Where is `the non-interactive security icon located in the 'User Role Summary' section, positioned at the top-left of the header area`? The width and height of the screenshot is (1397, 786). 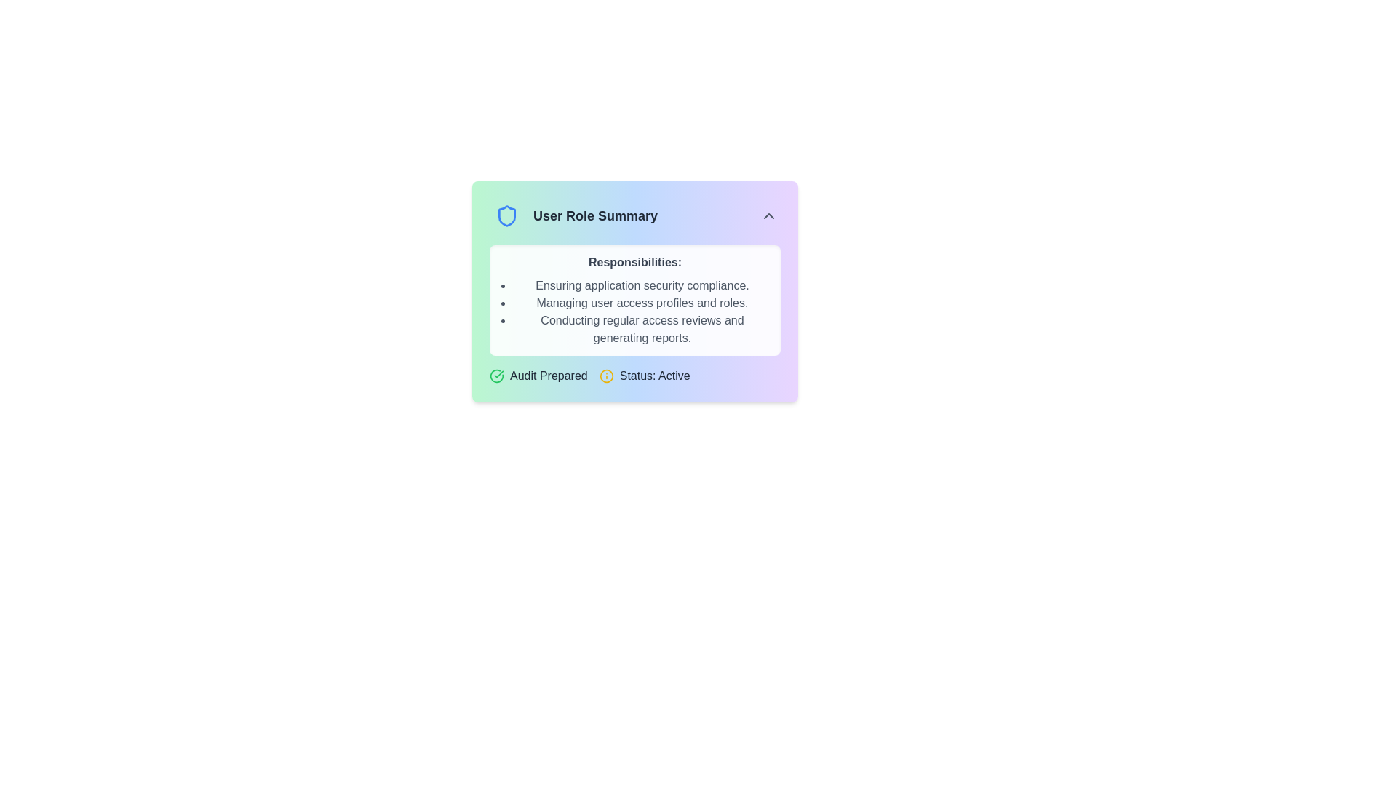 the non-interactive security icon located in the 'User Role Summary' section, positioned at the top-left of the header area is located at coordinates (506, 216).